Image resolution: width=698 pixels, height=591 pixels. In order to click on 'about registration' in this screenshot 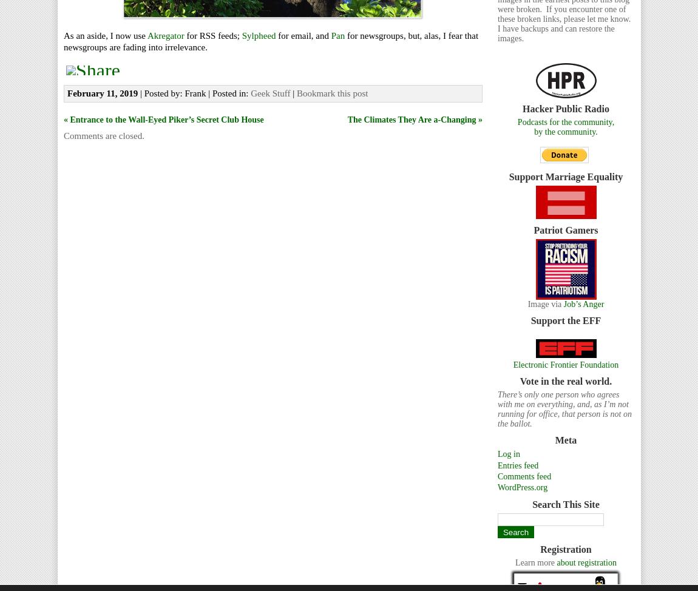, I will do `click(586, 562)`.